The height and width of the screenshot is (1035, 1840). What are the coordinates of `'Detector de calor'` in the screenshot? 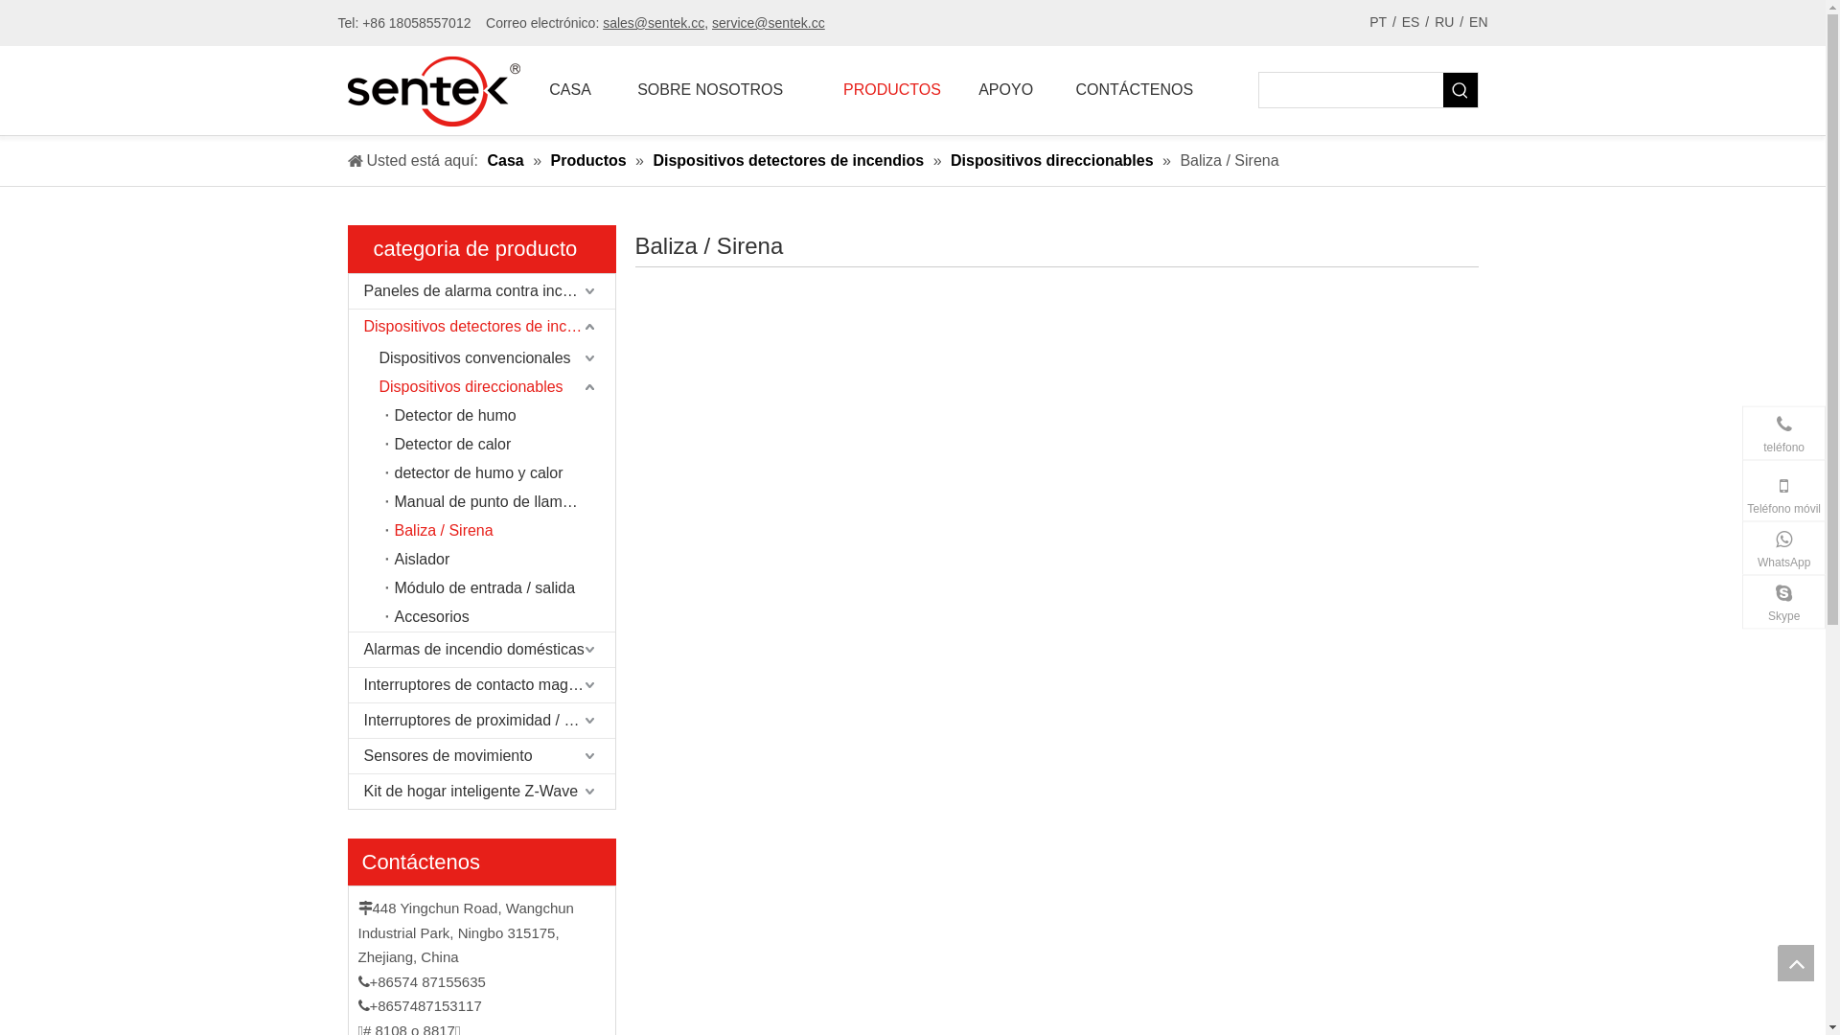 It's located at (500, 444).